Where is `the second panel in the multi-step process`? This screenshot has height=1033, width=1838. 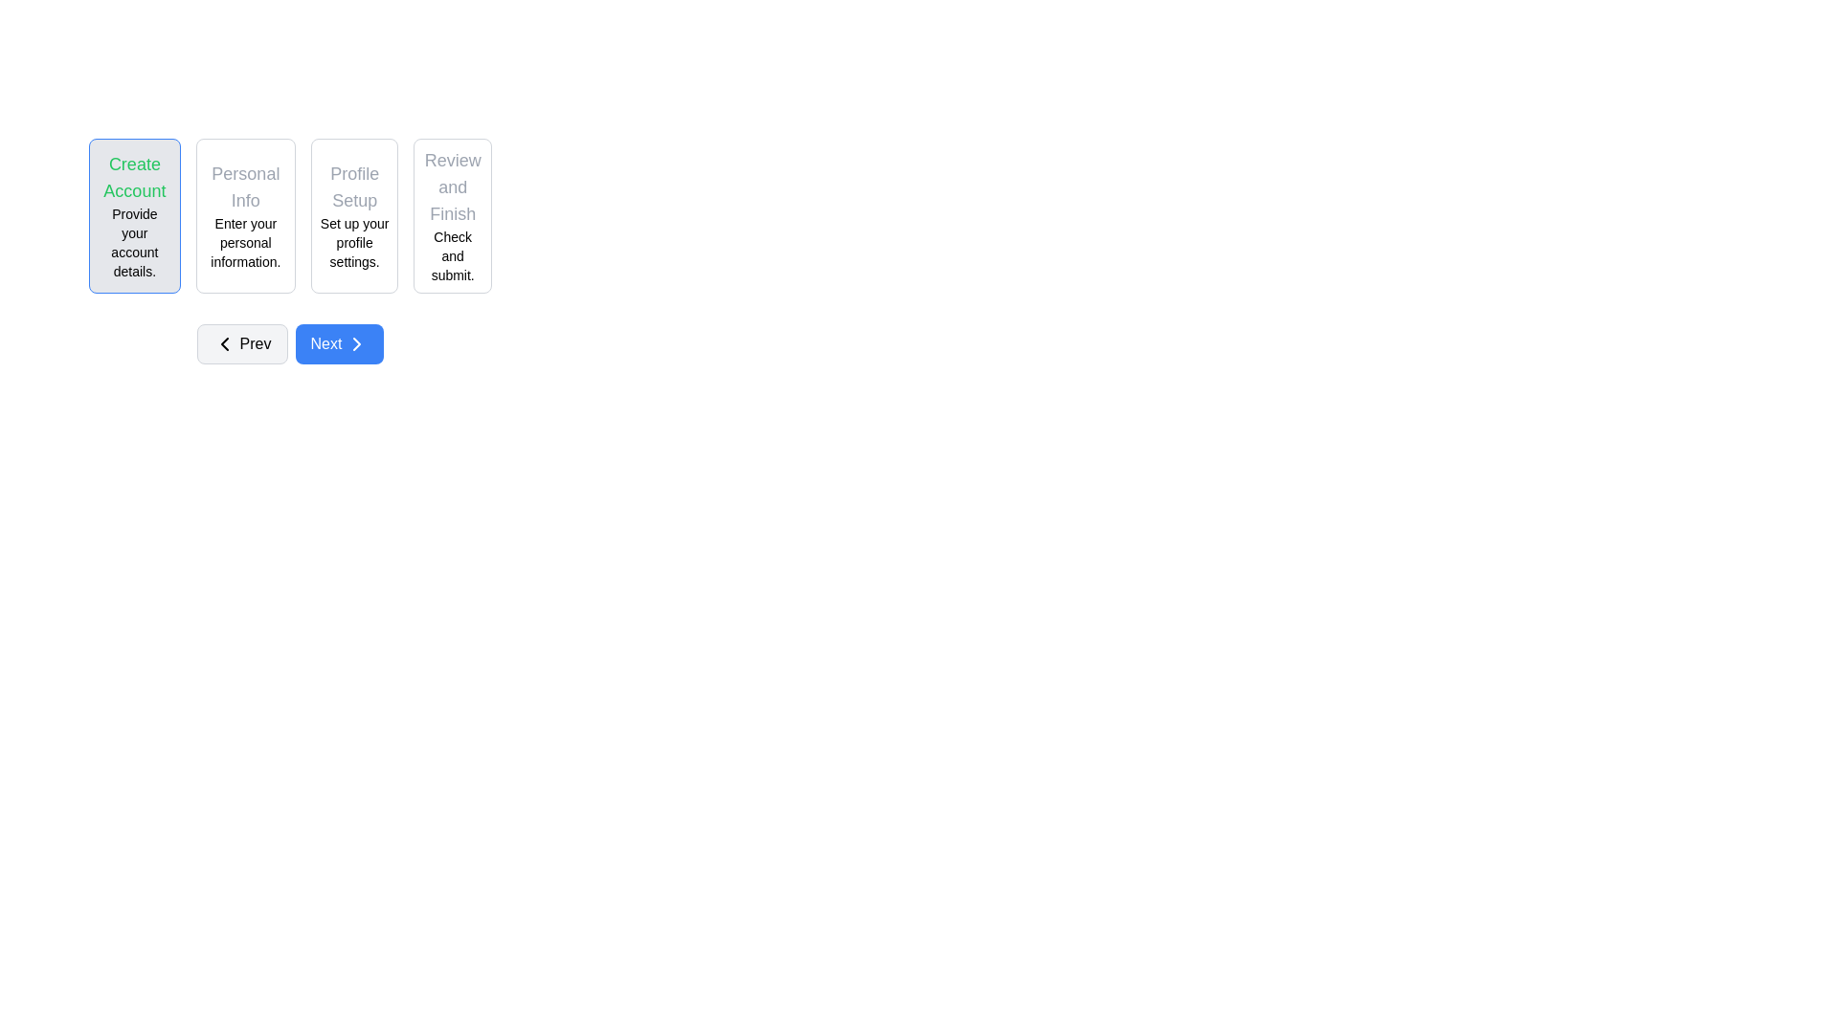 the second panel in the multi-step process is located at coordinates (289, 250).